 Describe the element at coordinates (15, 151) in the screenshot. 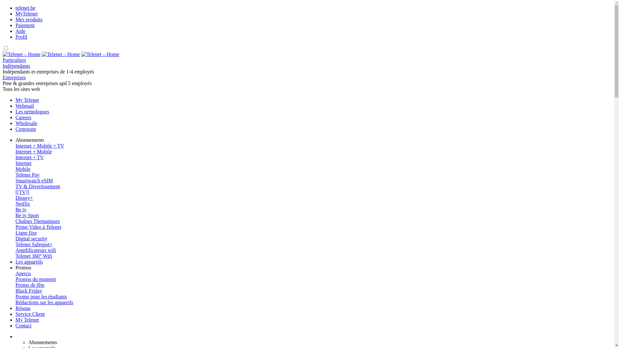

I see `'Internet + Mobile'` at that location.